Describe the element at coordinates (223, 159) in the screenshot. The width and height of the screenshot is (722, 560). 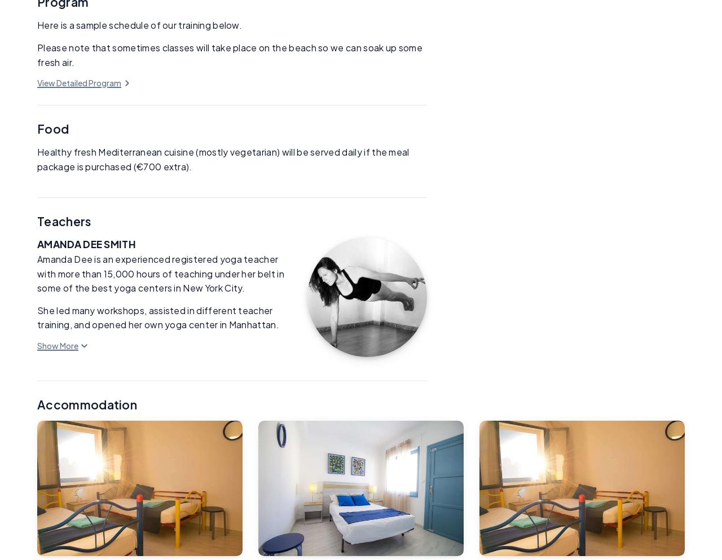
I see `'Healthy fresh Mediterranean cuisine (mostly vegetarian) will be served daily if the meal package is purchased (€700 extra).'` at that location.